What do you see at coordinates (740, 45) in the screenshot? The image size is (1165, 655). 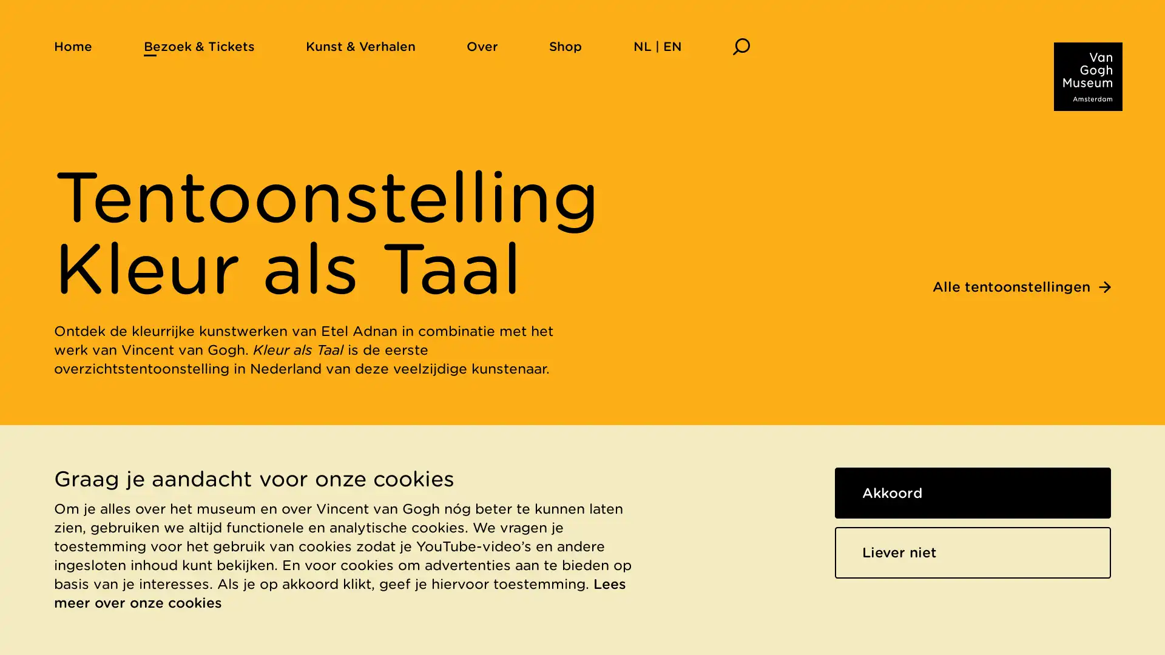 I see `Zoeken` at bounding box center [740, 45].